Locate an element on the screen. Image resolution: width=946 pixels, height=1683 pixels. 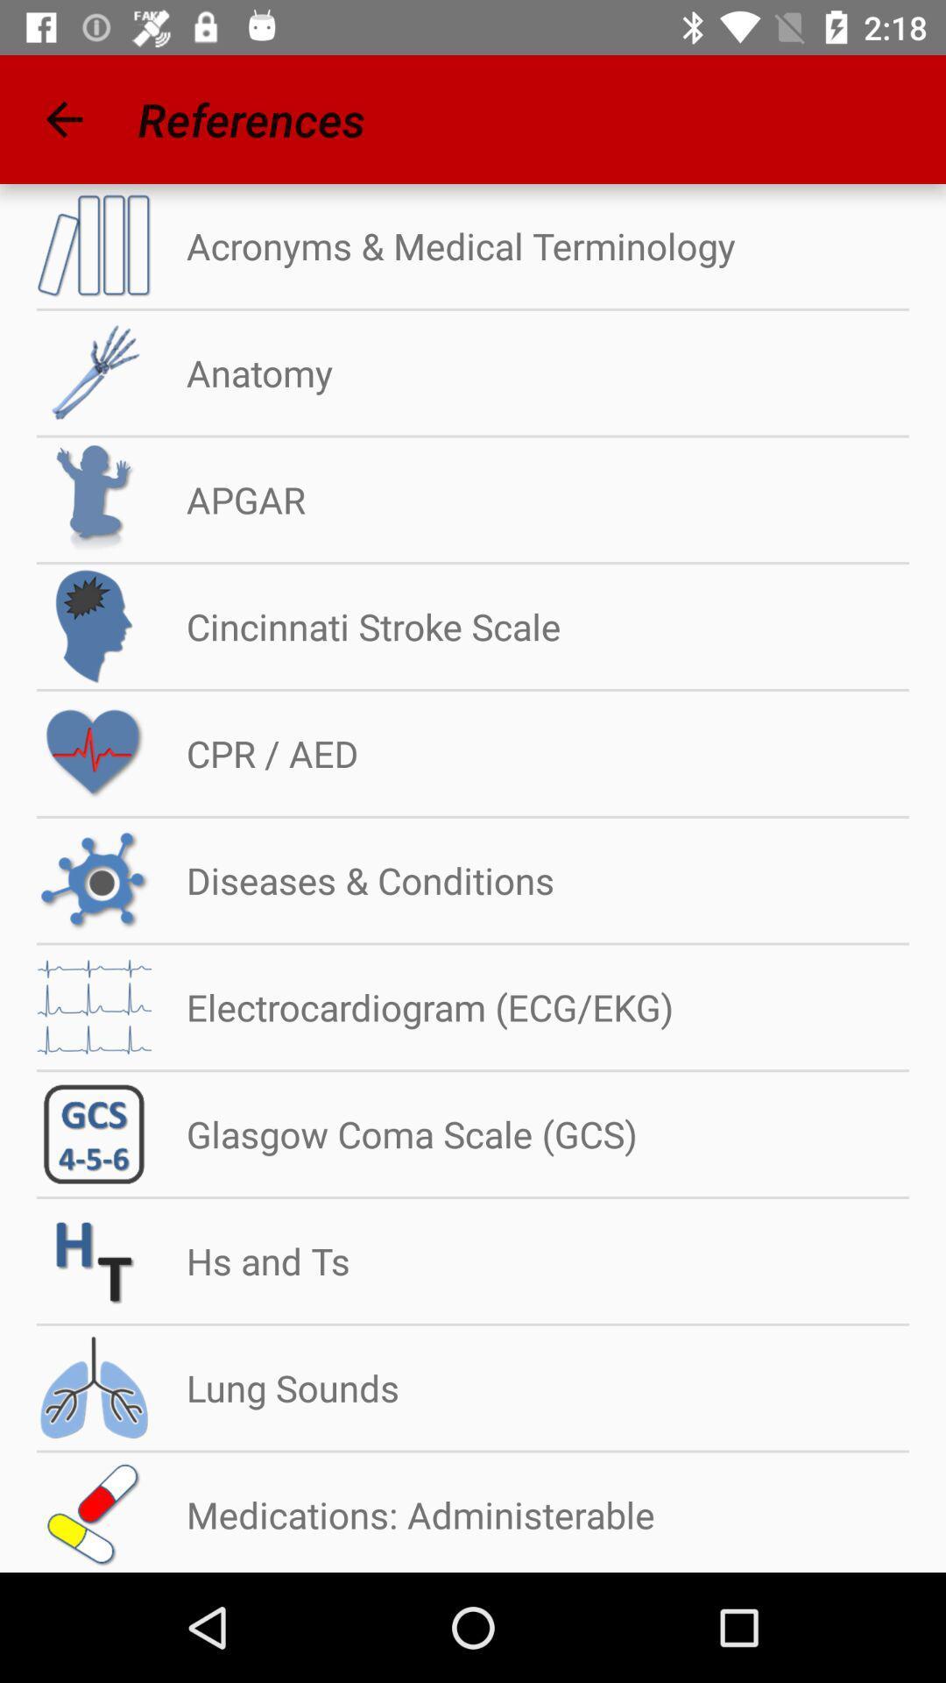
the apgar is located at coordinates (228, 499).